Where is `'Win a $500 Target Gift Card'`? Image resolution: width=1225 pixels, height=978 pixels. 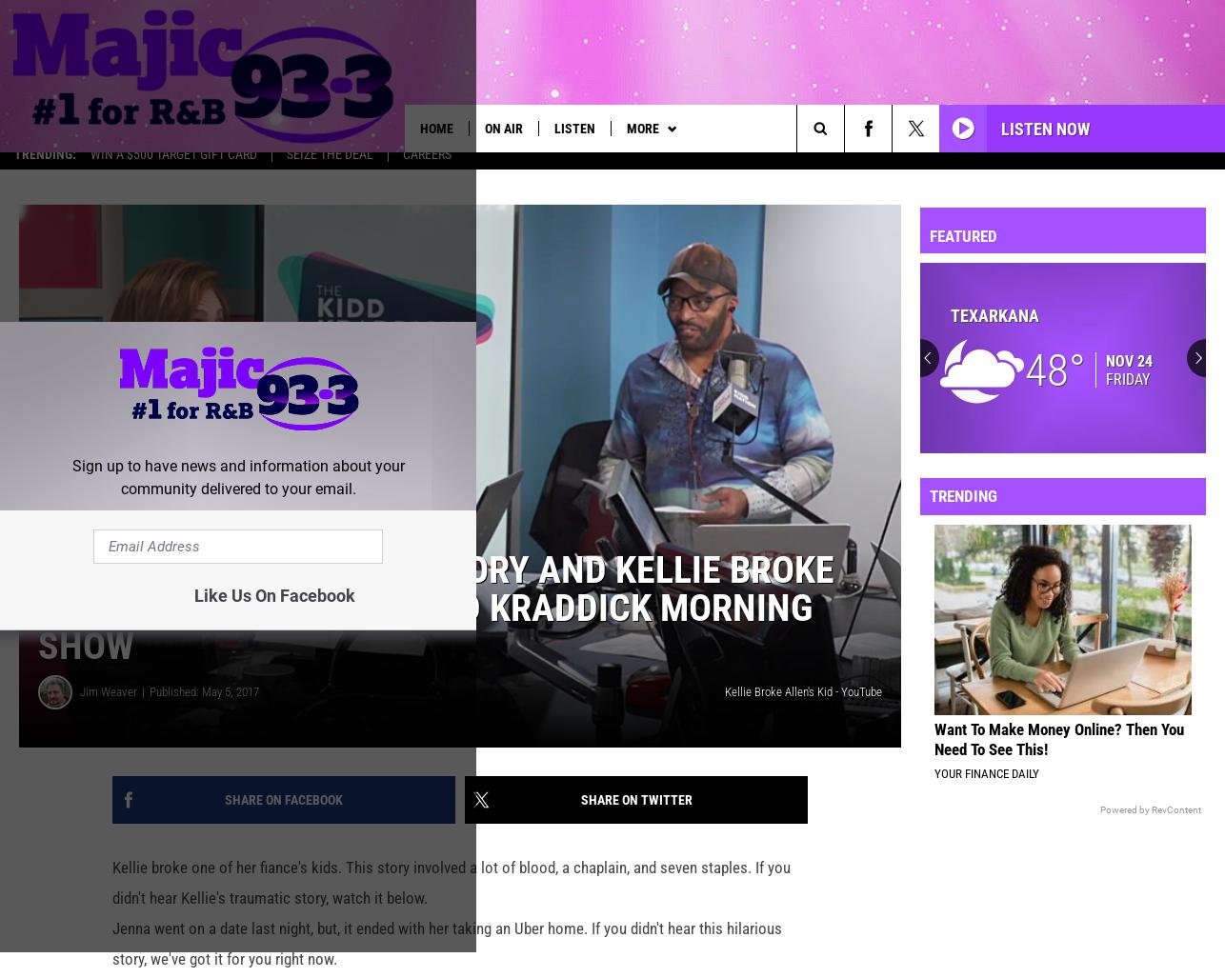 'Win a $500 Target Gift Card' is located at coordinates (173, 167).